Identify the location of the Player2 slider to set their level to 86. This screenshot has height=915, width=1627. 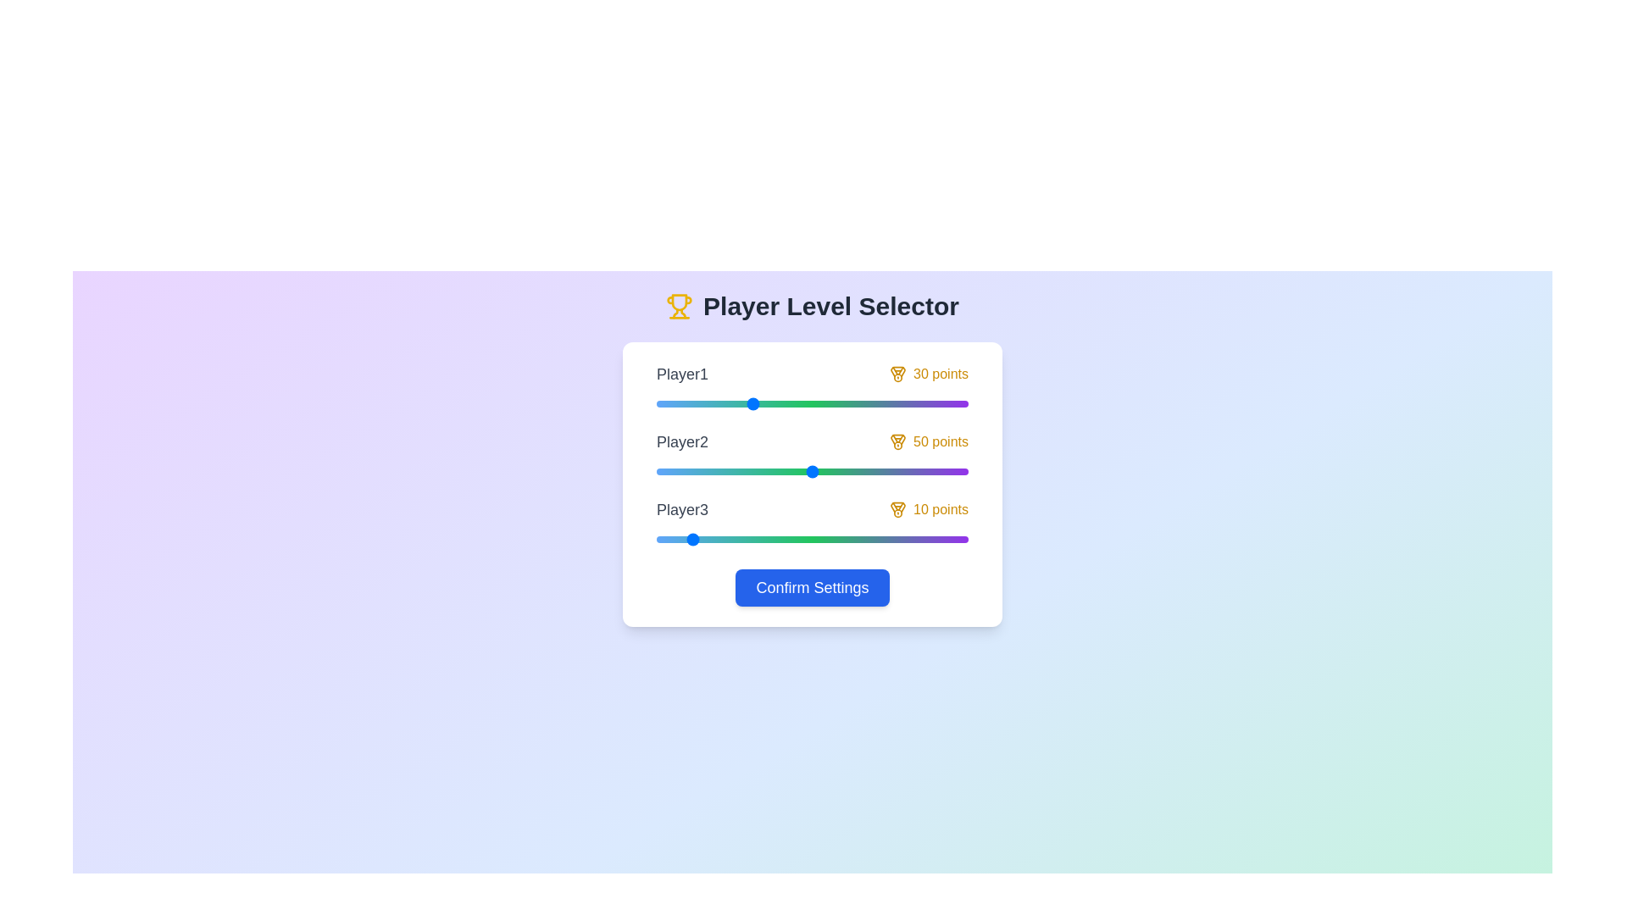
(924, 471).